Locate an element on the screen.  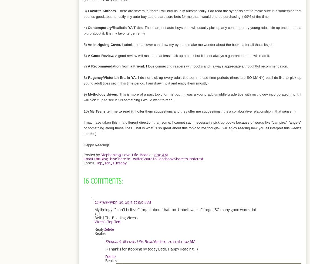
'Favorite Authors.' is located at coordinates (103, 11).